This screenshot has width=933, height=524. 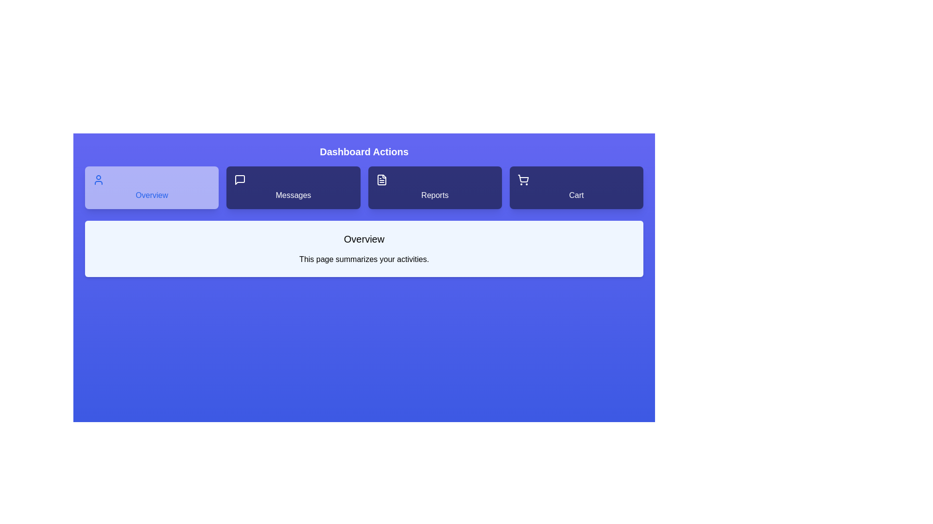 I want to click on the Reports tab to view its content, so click(x=434, y=187).